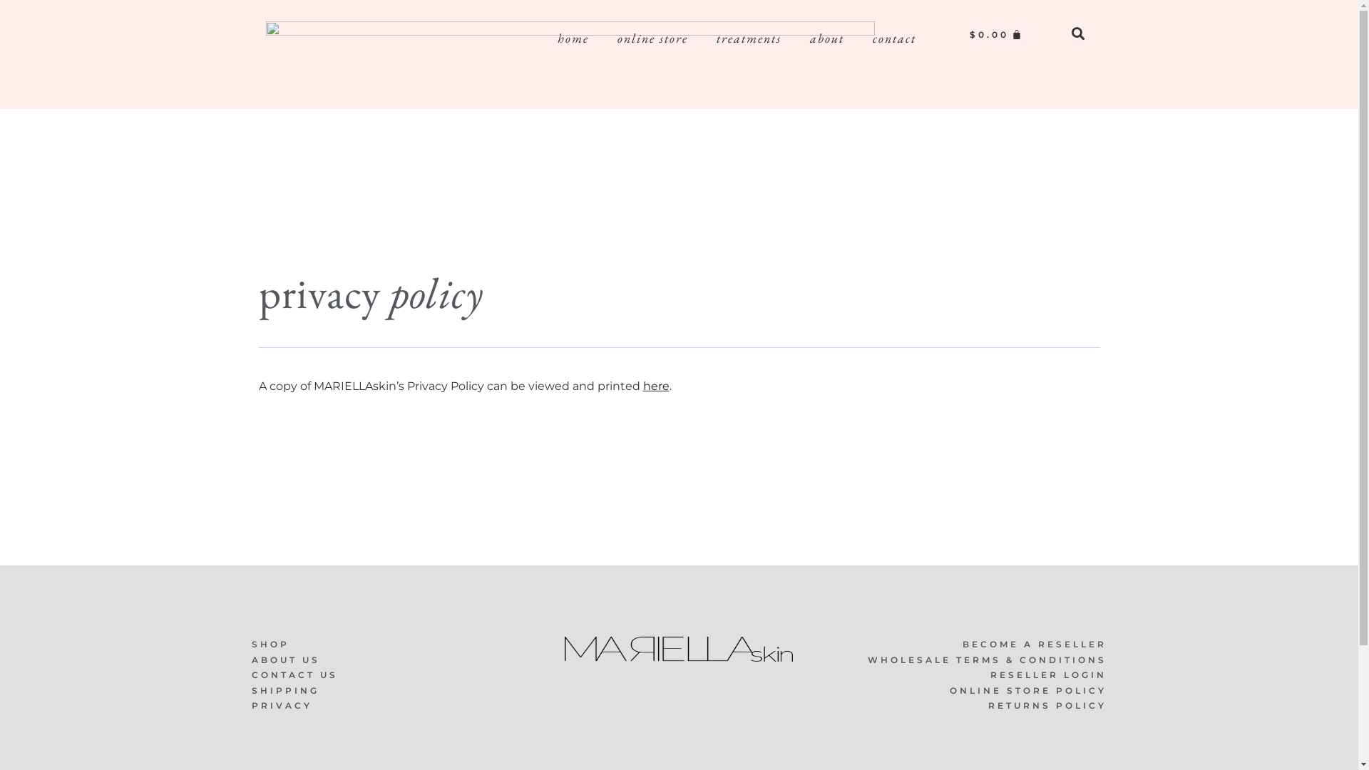 The image size is (1369, 770). What do you see at coordinates (964, 644) in the screenshot?
I see `'BECOME A RESELLER'` at bounding box center [964, 644].